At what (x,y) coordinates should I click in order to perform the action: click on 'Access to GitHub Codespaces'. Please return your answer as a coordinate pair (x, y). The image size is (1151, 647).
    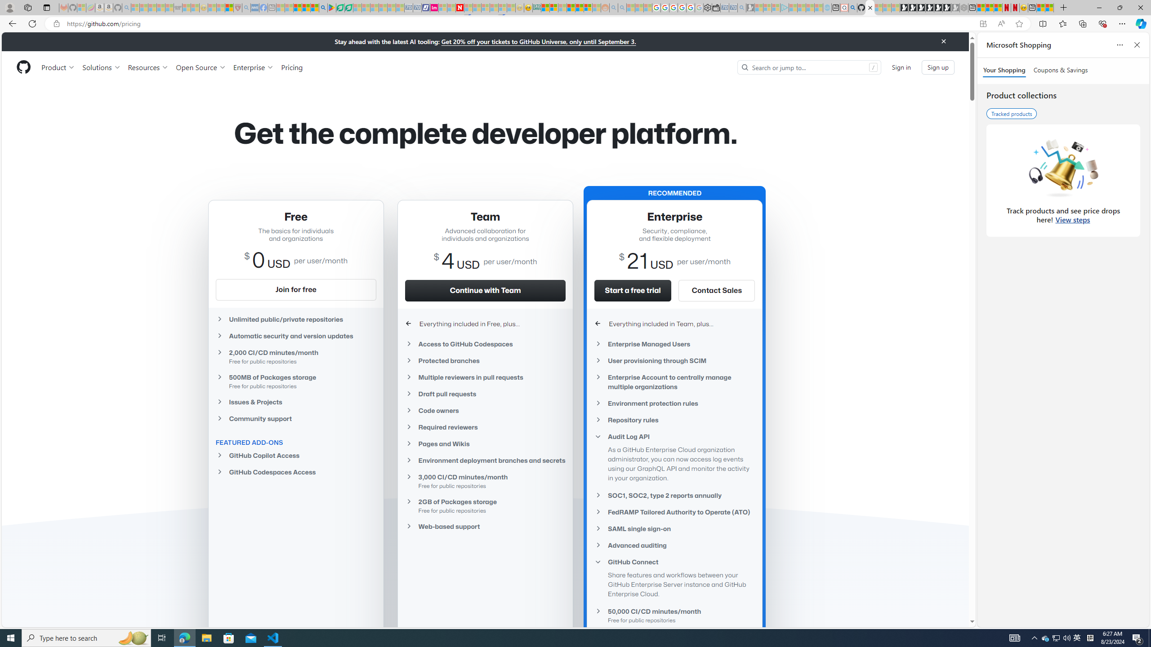
    Looking at the image, I should click on (486, 344).